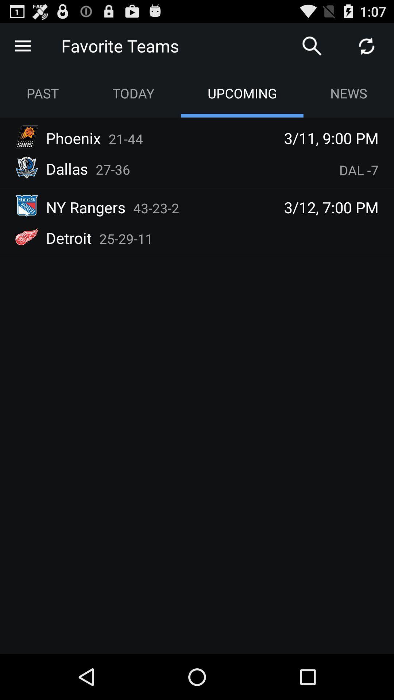  I want to click on the 21-44 app, so click(125, 139).